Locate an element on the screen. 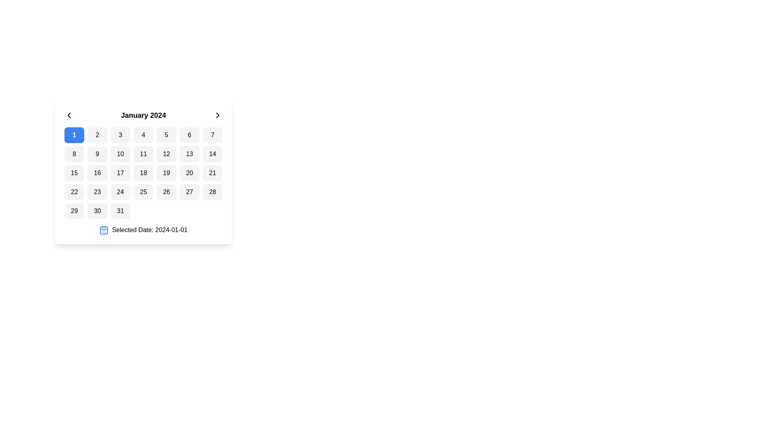 The height and width of the screenshot is (427, 759). the clickable date item representing the date '31' in the calendar grid is located at coordinates (120, 210).